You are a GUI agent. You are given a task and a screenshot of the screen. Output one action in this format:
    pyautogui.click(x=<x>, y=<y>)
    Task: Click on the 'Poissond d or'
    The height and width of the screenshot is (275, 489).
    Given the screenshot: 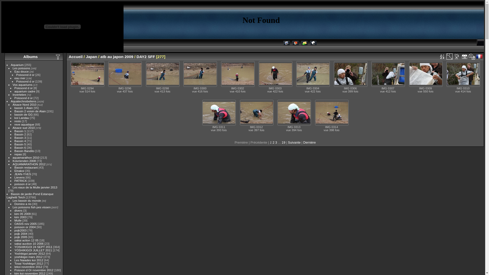 What is the action you would take?
    pyautogui.click(x=25, y=81)
    